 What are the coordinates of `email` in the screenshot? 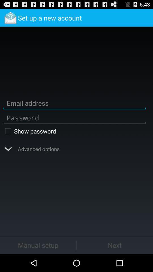 It's located at (75, 103).